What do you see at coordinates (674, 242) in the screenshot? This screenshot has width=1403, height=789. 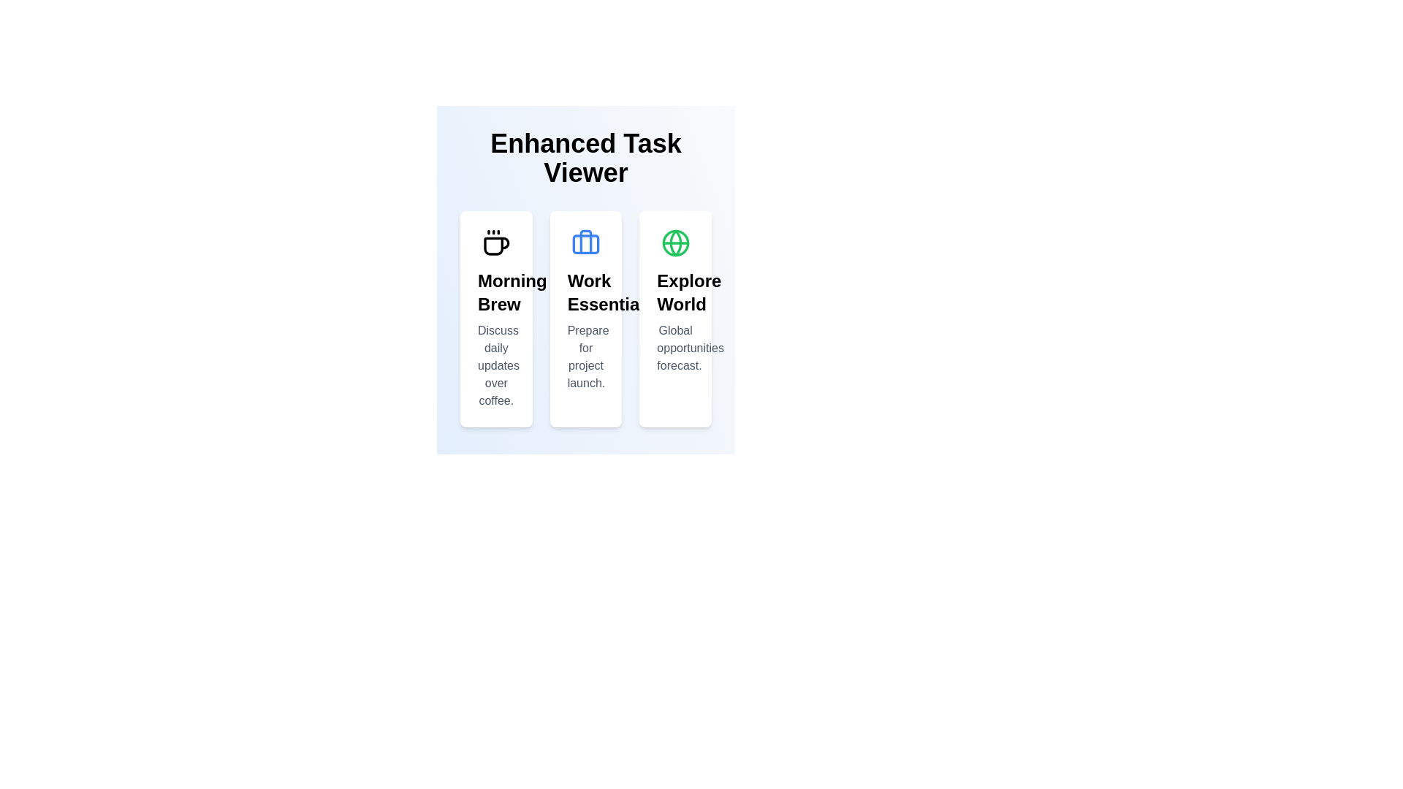 I see `the green globe icon representing Earth, which is located at the top center of the card labeled 'Explore World'` at bounding box center [674, 242].